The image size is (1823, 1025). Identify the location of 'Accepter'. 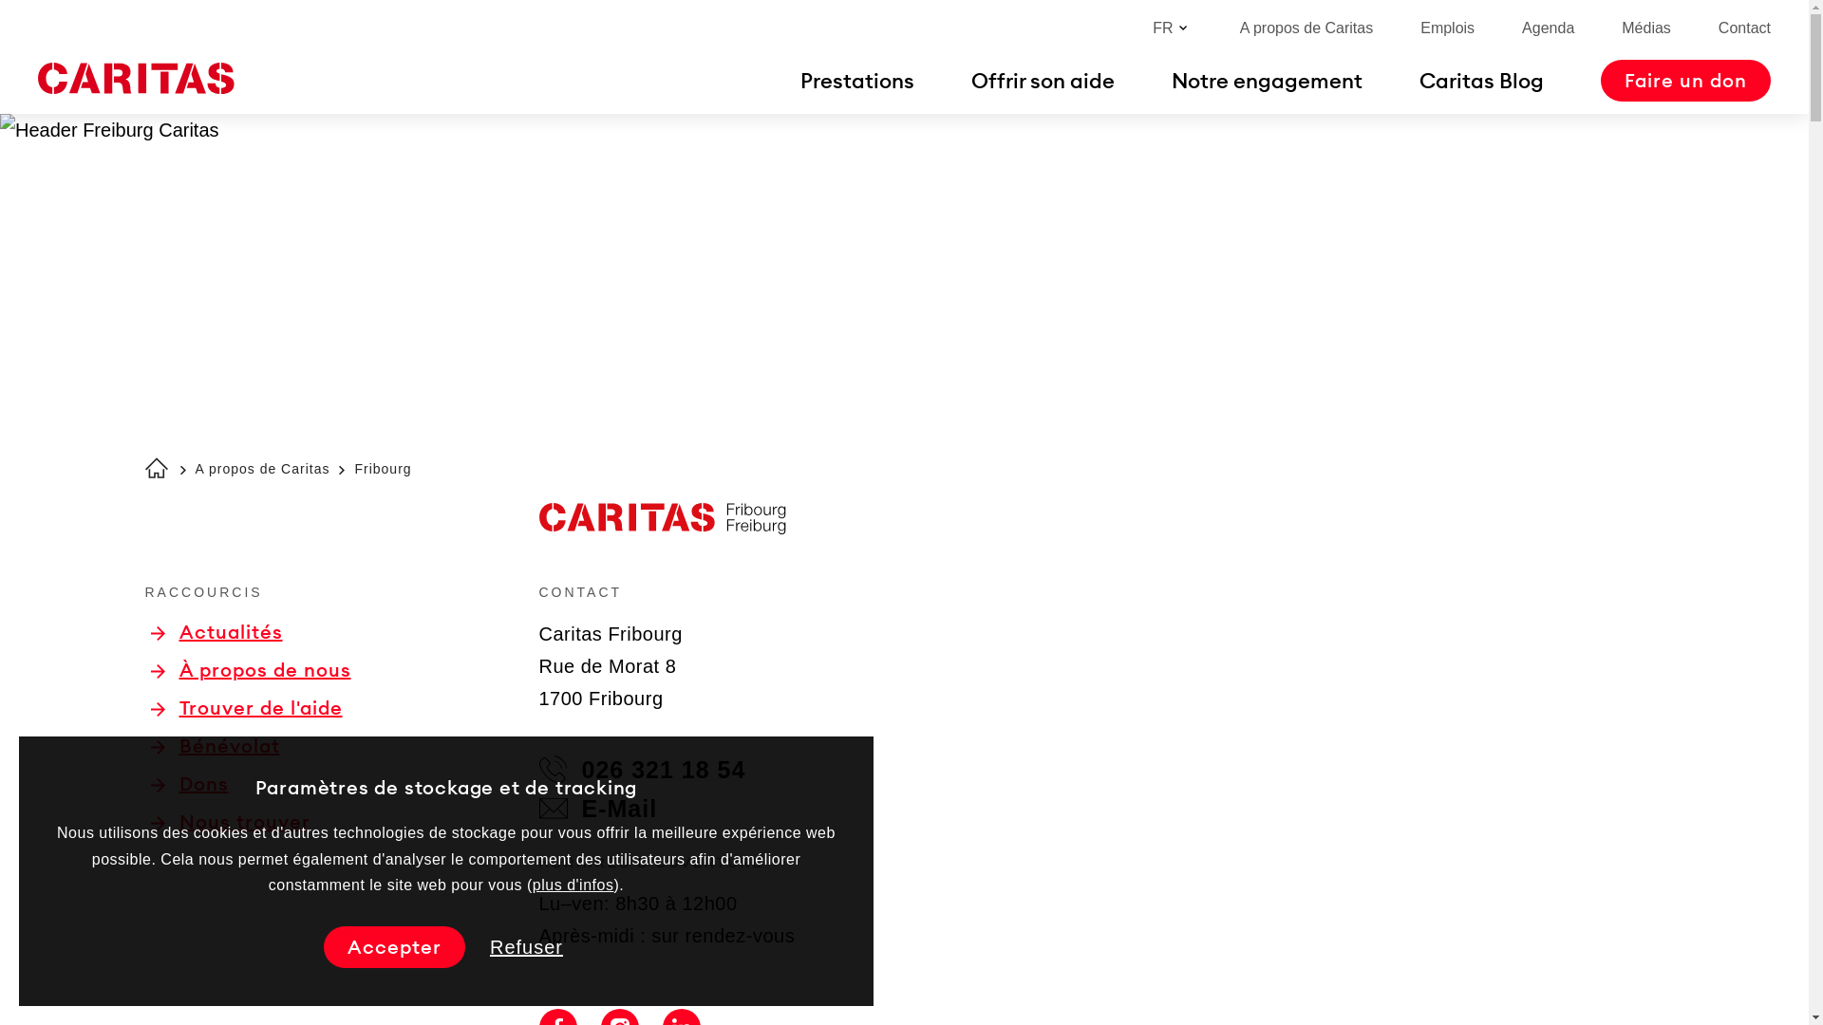
(393, 947).